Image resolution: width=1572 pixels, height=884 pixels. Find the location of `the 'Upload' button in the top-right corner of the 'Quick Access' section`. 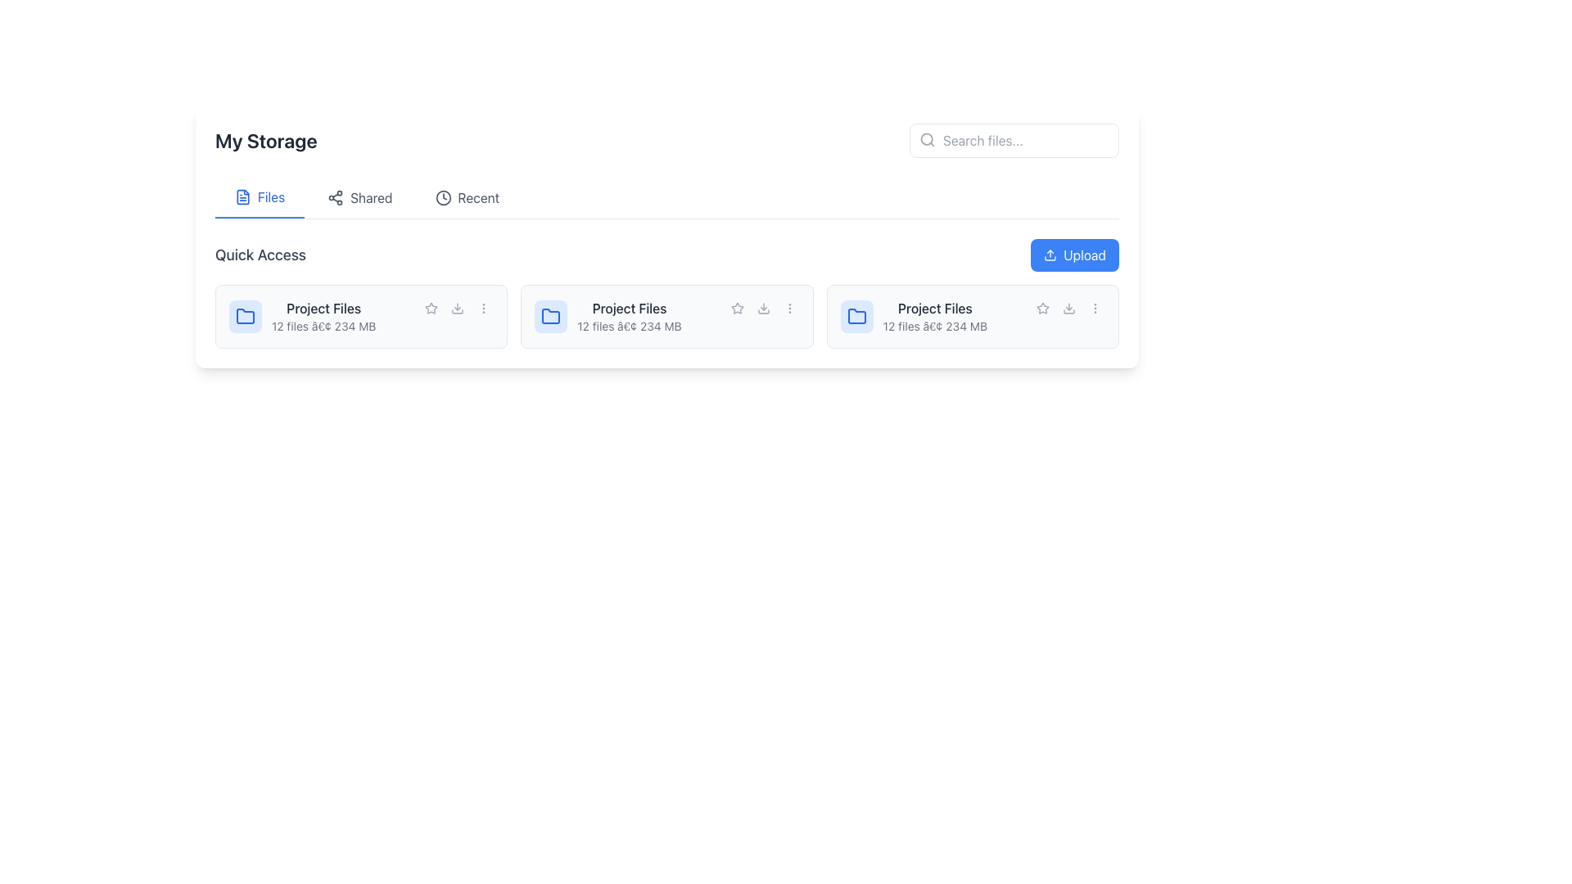

the 'Upload' button in the top-right corner of the 'Quick Access' section is located at coordinates (1075, 255).